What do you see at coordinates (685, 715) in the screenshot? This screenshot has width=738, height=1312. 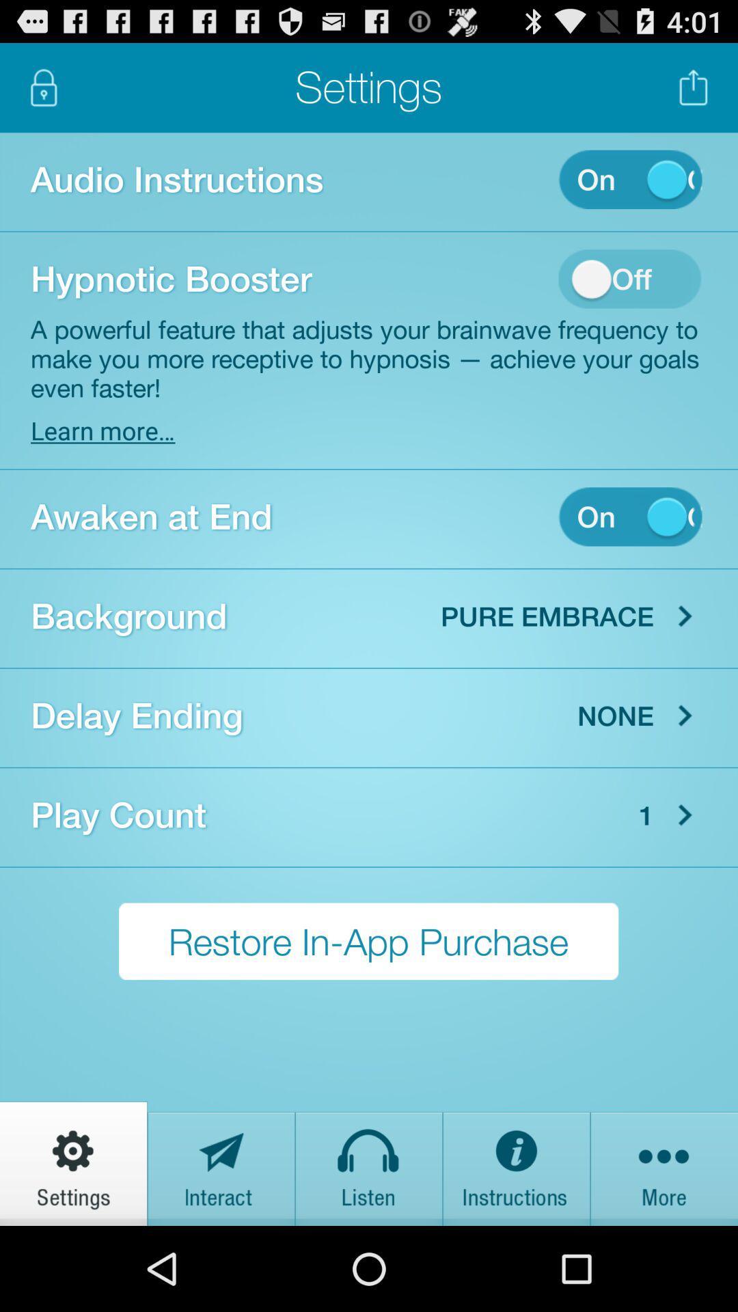 I see `the button on the right next to the text none on the web page` at bounding box center [685, 715].